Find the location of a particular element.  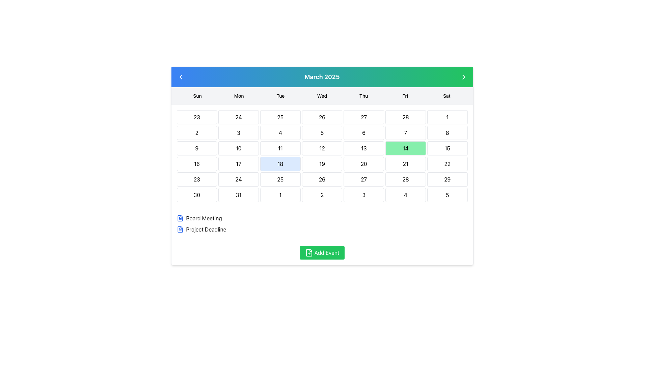

to select the calendar day cell containing the date '23', which is styled with a white background and rounded corners, located in the last row of the calendar grid is located at coordinates (196, 179).